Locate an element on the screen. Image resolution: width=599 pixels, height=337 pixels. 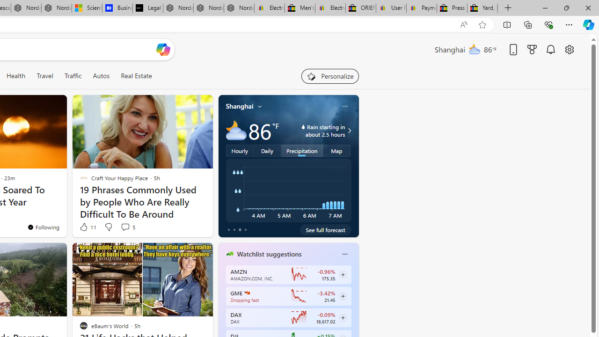
'You' is located at coordinates (43, 227).